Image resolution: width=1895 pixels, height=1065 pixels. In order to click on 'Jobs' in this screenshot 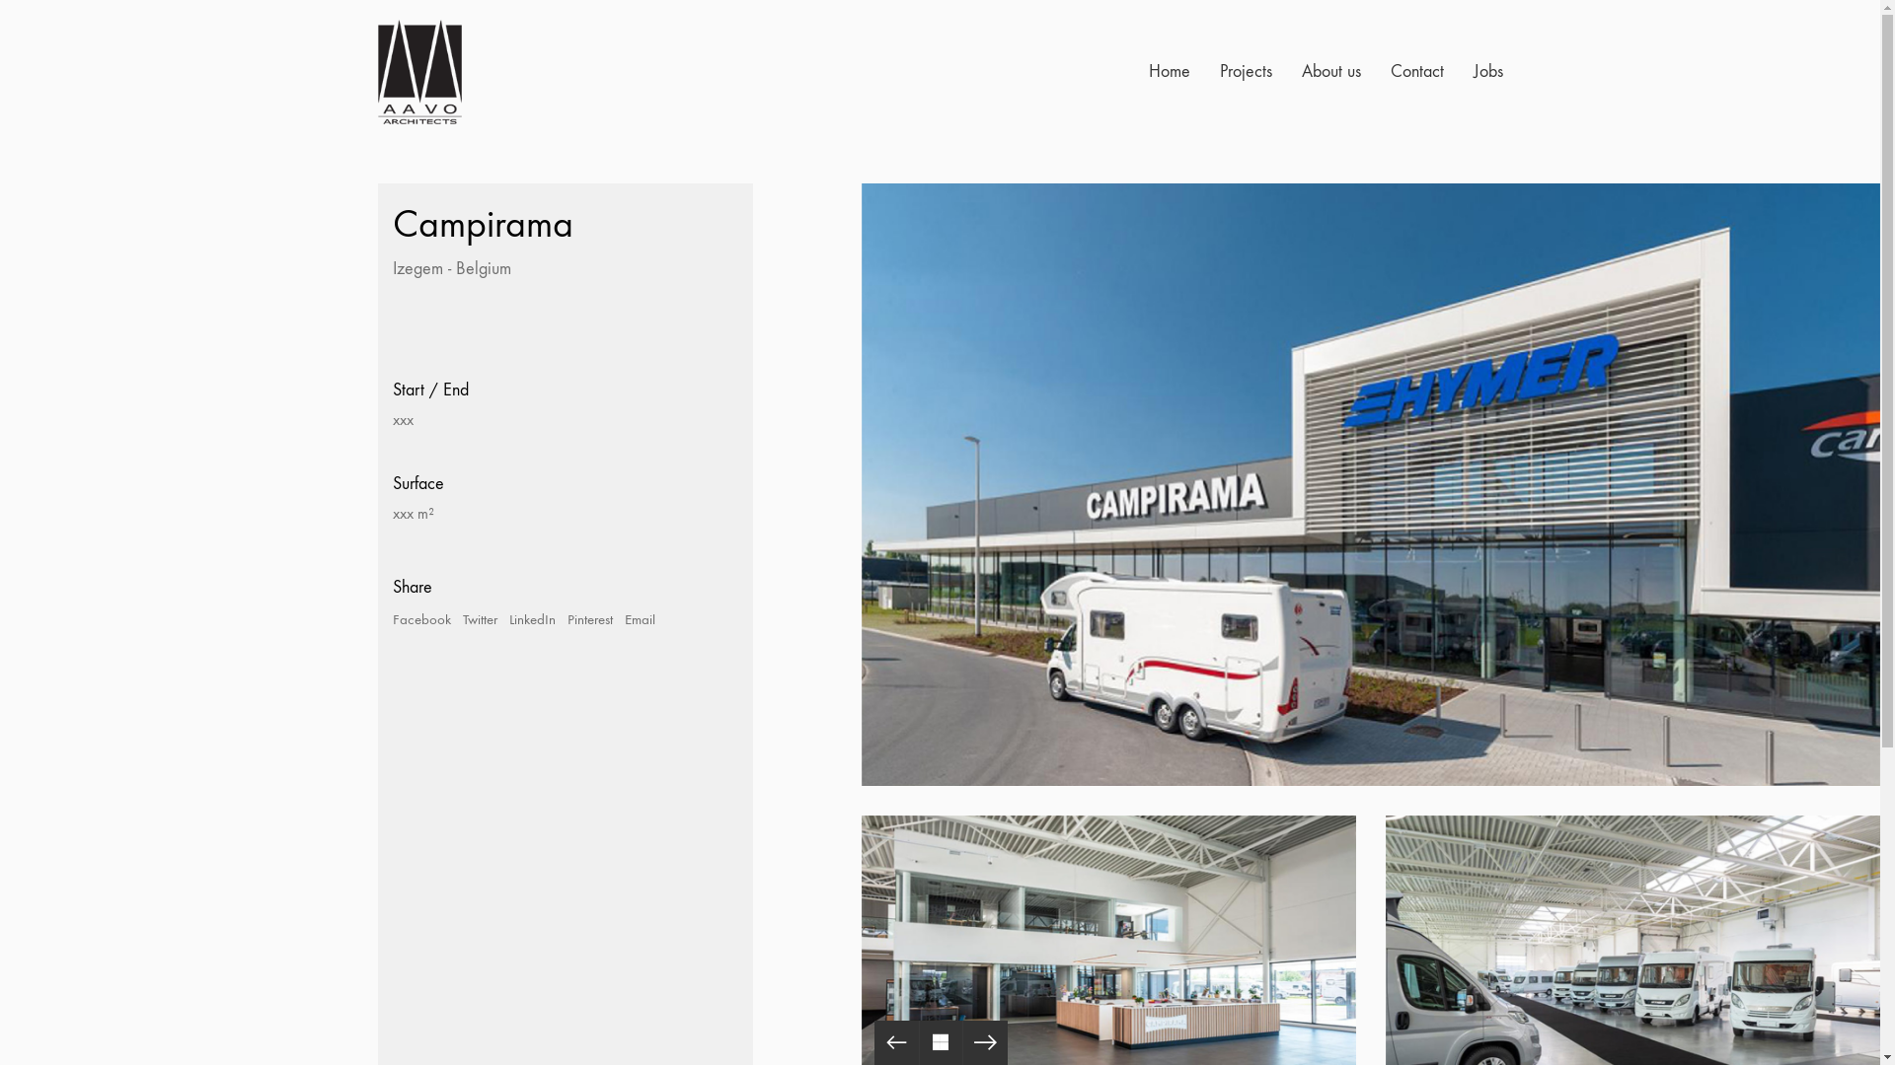, I will do `click(1487, 71)`.